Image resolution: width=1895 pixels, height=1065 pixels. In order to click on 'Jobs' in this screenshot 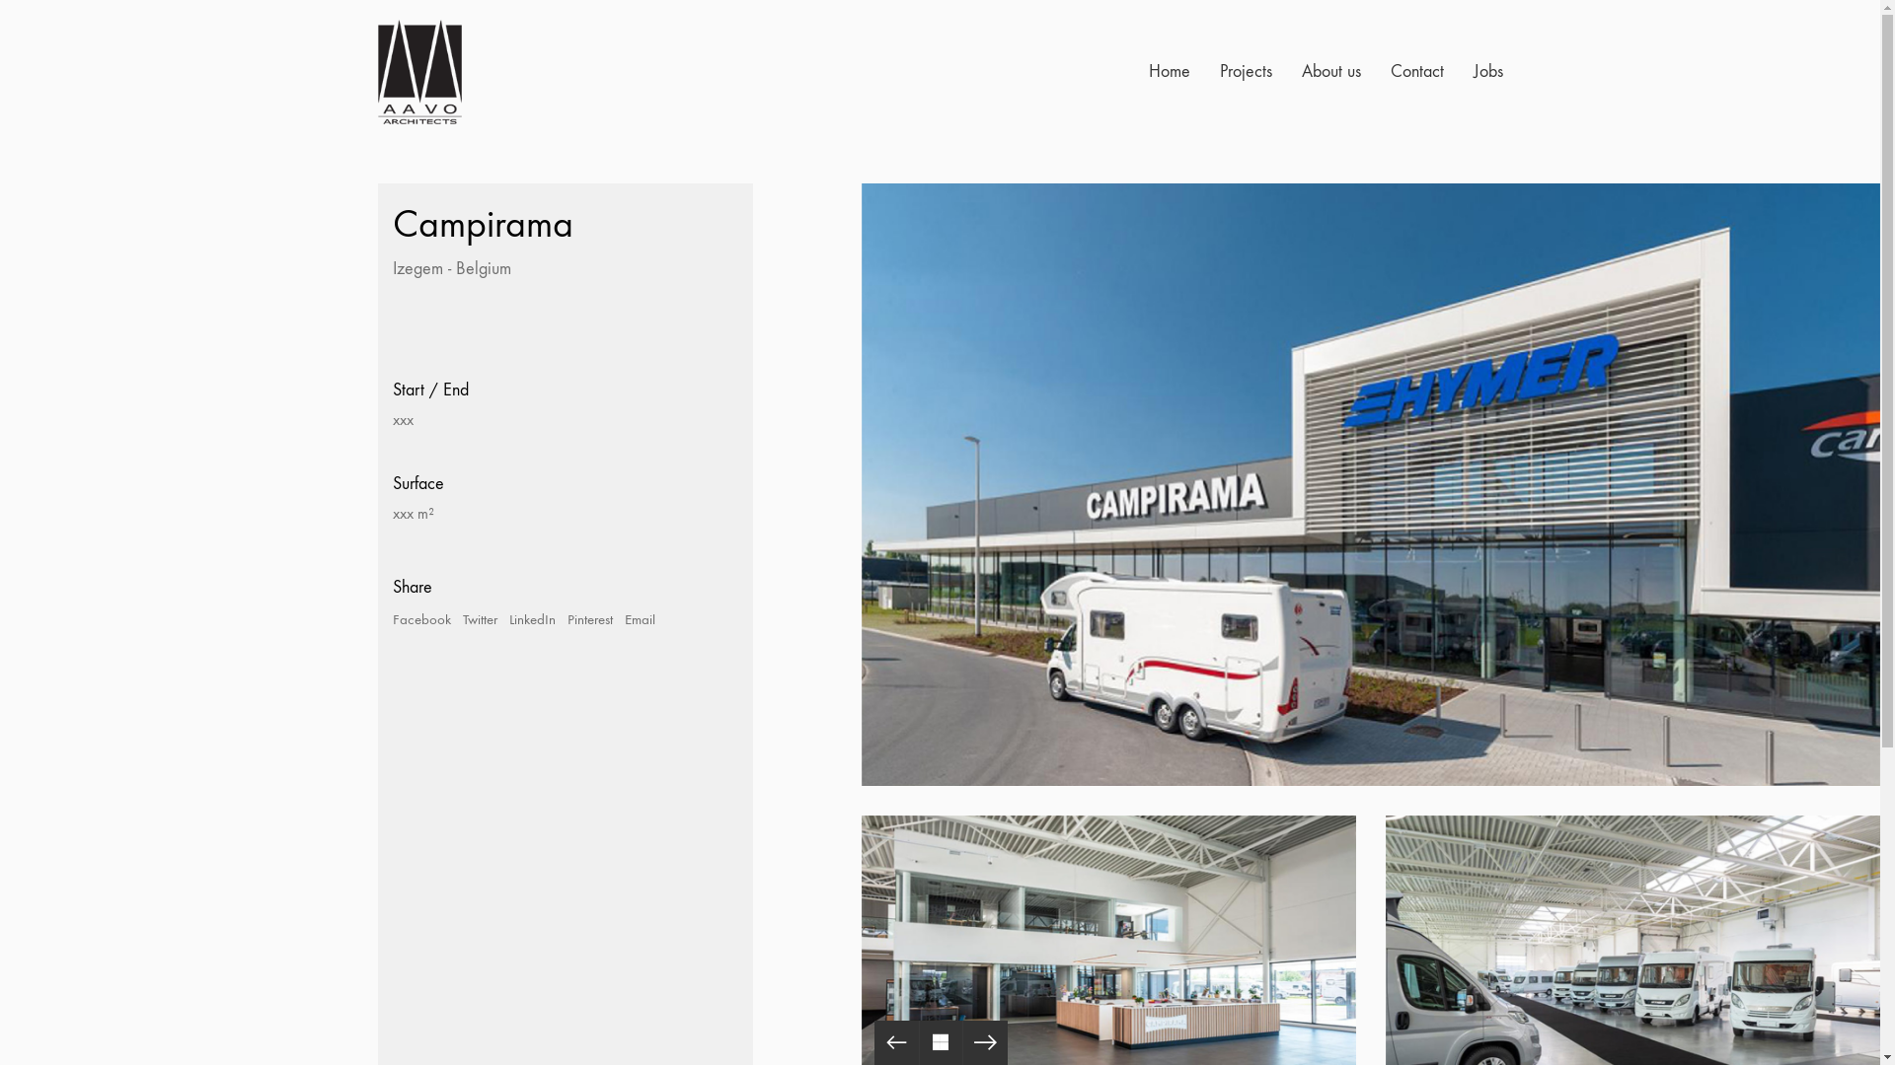, I will do `click(1487, 71)`.